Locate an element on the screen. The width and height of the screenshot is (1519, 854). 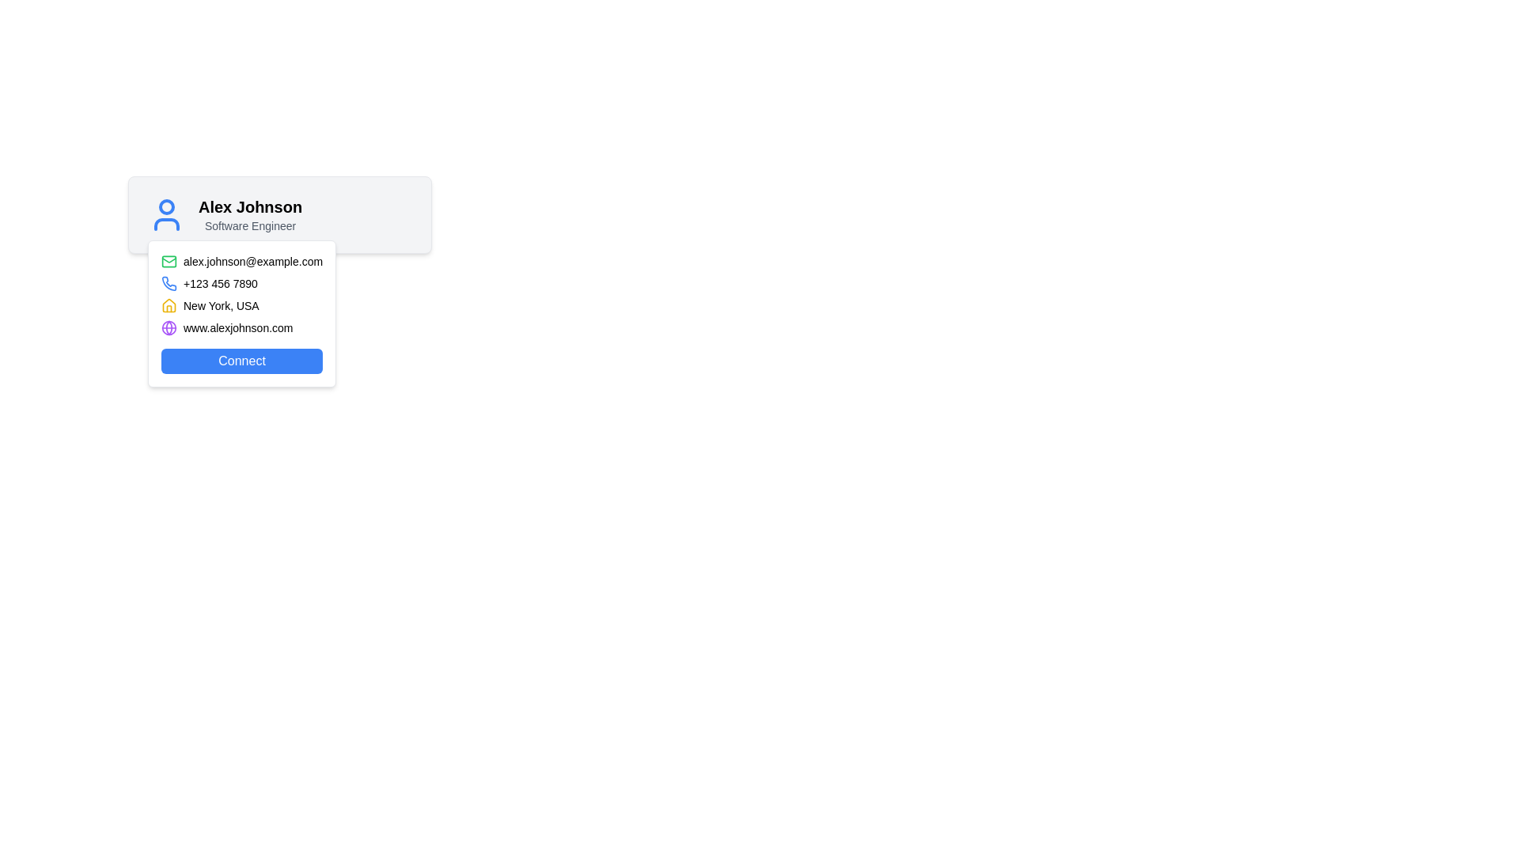
the 'home' icon associated with the address information for 'New York, USA' located in the third position of the icon-text pairs is located at coordinates (169, 304).